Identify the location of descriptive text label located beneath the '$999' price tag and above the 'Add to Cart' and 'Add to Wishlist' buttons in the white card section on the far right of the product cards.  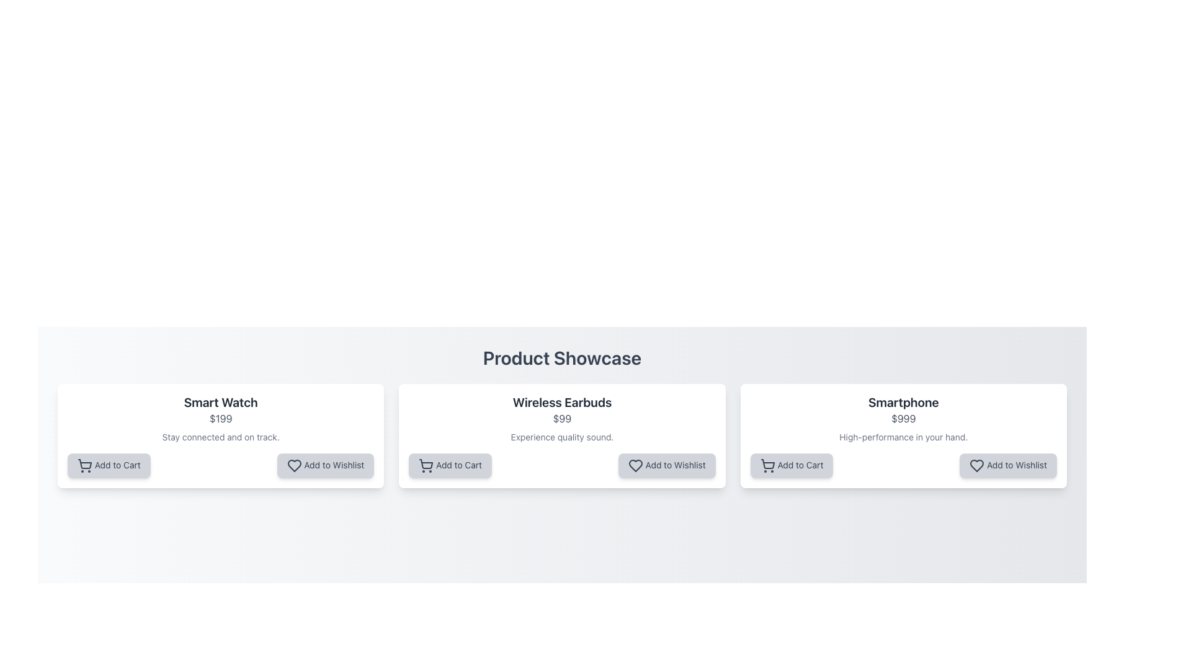
(903, 437).